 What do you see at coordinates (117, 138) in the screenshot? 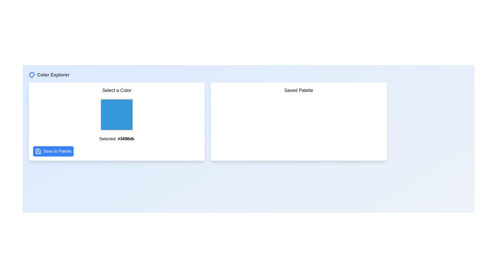
I see `the text label displaying the currently selected color's hexadecimal value, which is located above the 'Save to Palette' button in the 'Select a Color' section` at bounding box center [117, 138].